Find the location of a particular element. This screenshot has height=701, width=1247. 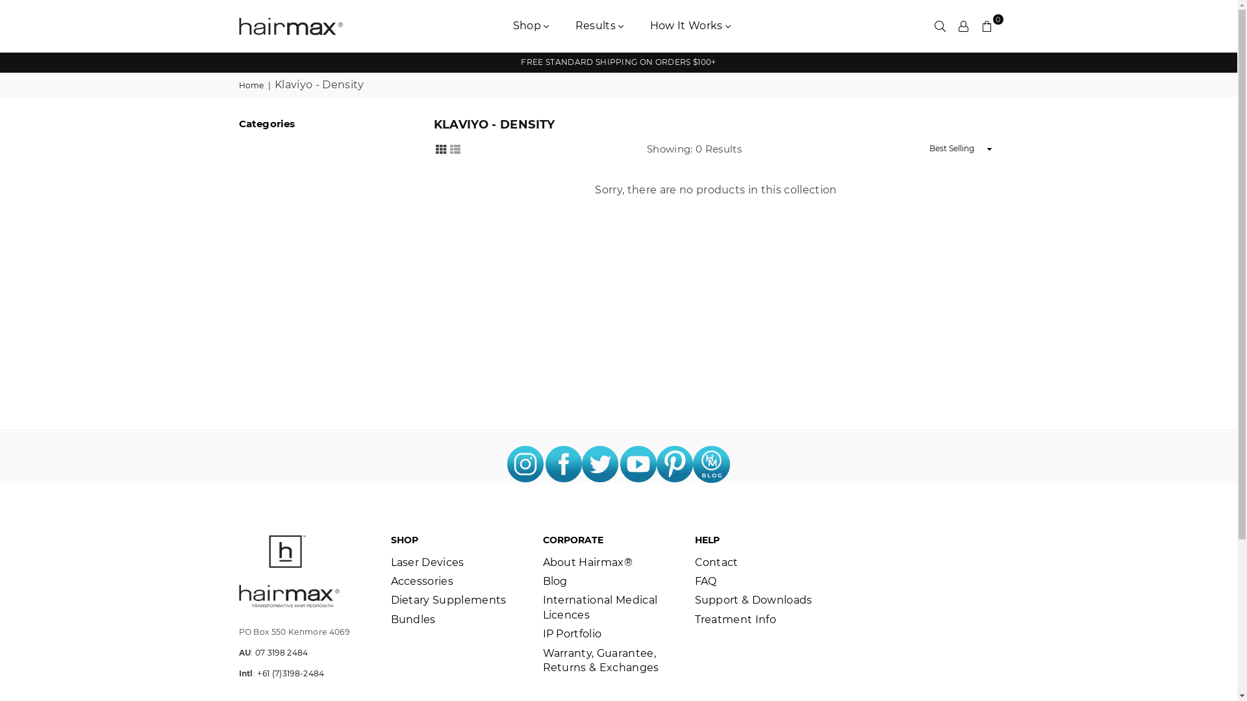

'IP Portfolio' is located at coordinates (572, 633).